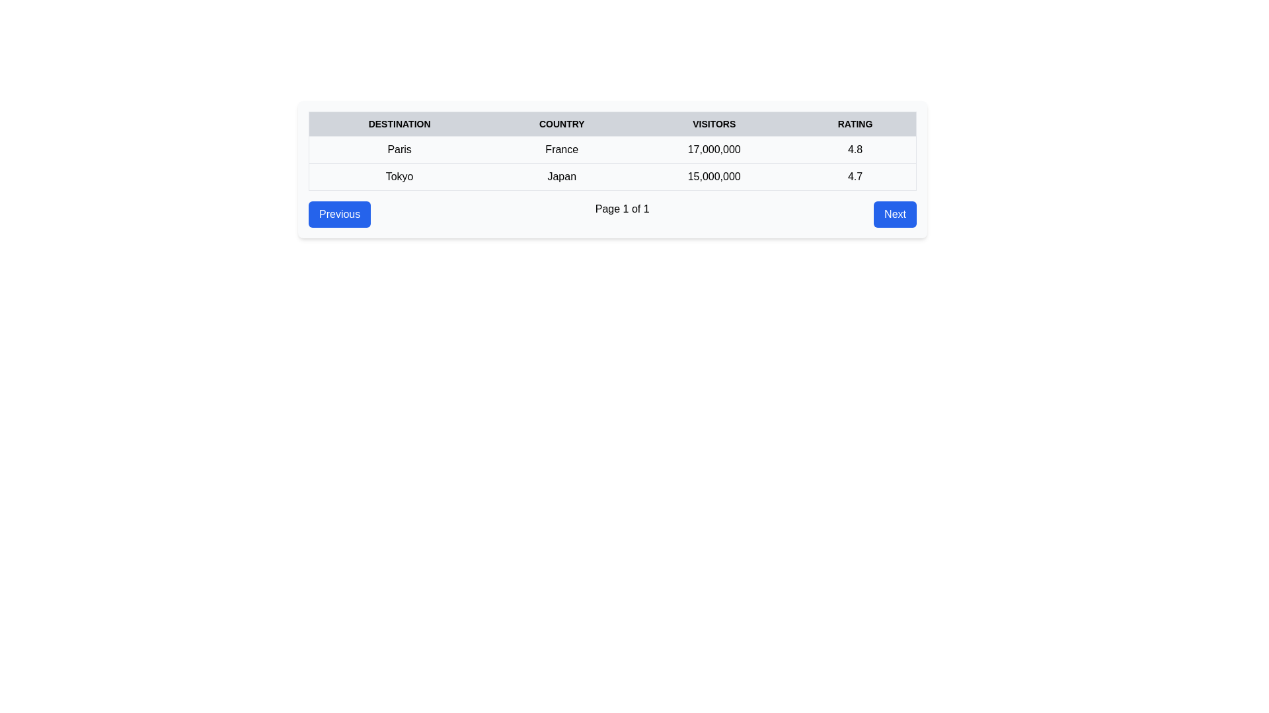 Image resolution: width=1269 pixels, height=713 pixels. I want to click on the non-interactive text label that displays 'Page 1 of 1' in the middle of the navigation bar, so click(621, 213).